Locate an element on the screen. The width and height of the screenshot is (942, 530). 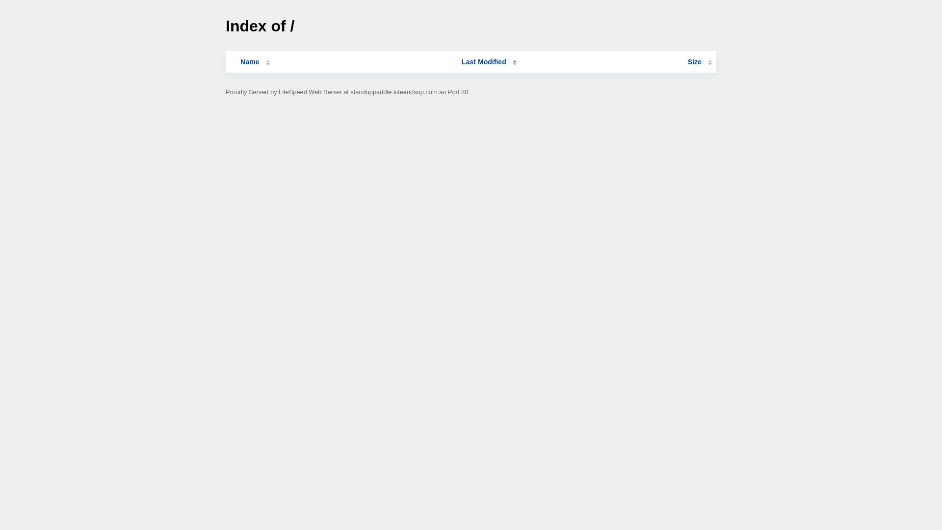
'Name' is located at coordinates (249, 62).